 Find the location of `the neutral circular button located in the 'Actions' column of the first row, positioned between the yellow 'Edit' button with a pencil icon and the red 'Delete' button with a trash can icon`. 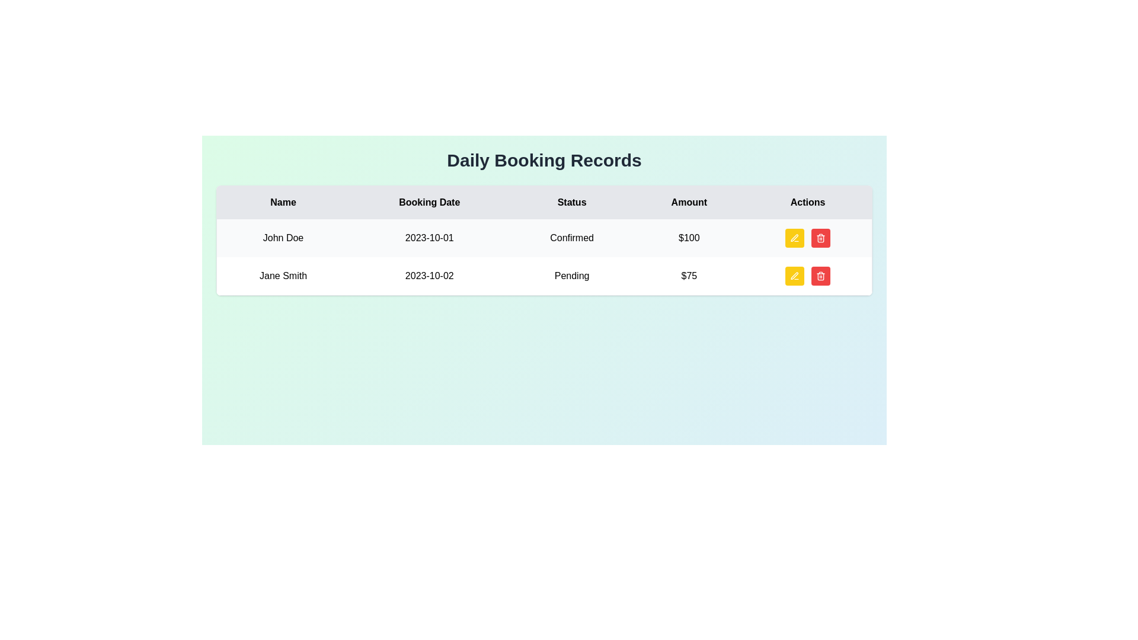

the neutral circular button located in the 'Actions' column of the first row, positioned between the yellow 'Edit' button with a pencil icon and the red 'Delete' button with a trash can icon is located at coordinates (807, 238).